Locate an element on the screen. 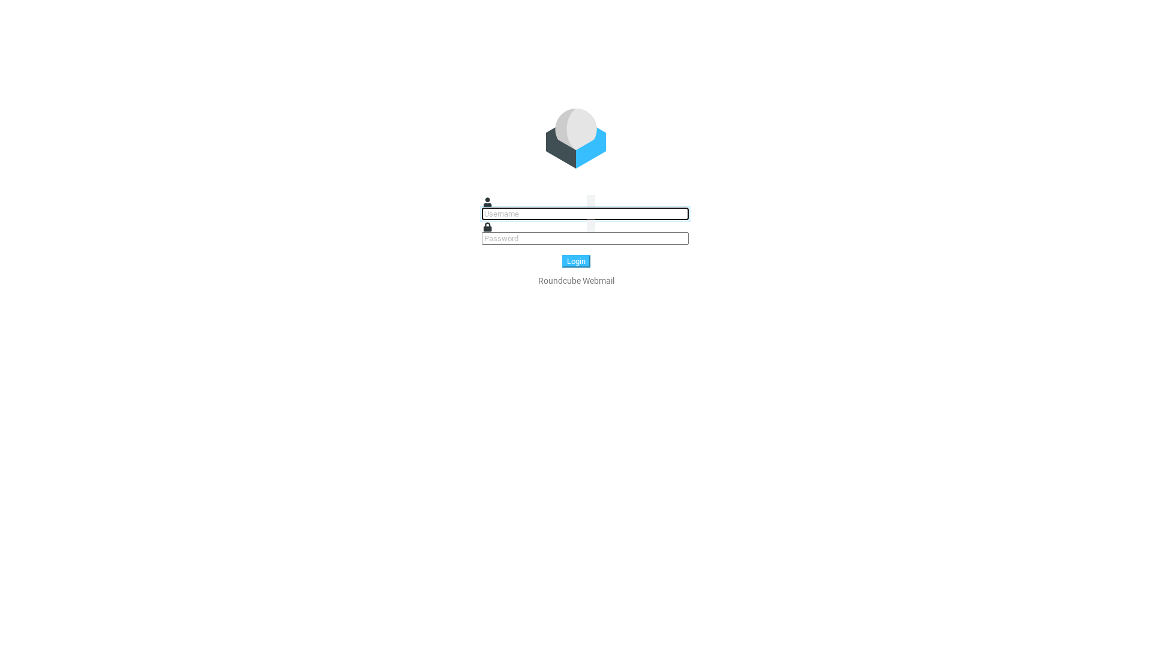 The image size is (1152, 648). 'Login' is located at coordinates (561, 260).